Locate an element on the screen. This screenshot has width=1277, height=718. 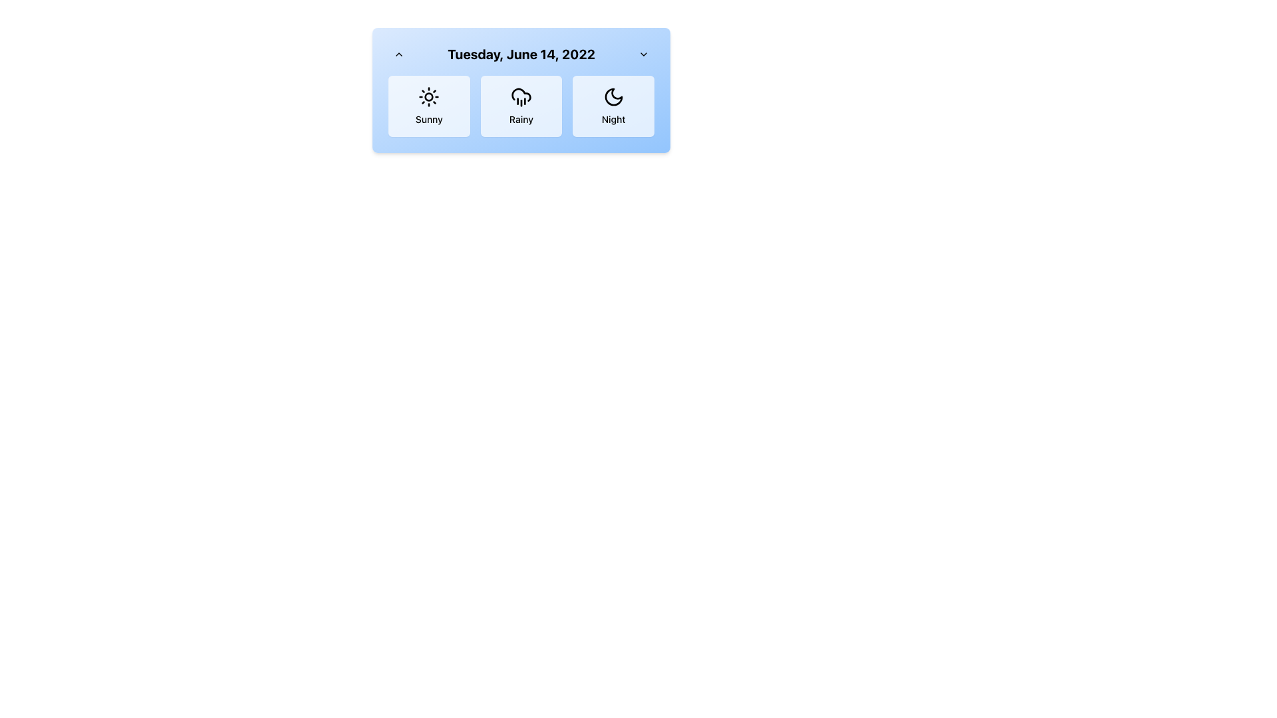
the date display text element, which is centrally located between a chevron-up icon on the left and a chevron-down icon on the right is located at coordinates (520, 53).